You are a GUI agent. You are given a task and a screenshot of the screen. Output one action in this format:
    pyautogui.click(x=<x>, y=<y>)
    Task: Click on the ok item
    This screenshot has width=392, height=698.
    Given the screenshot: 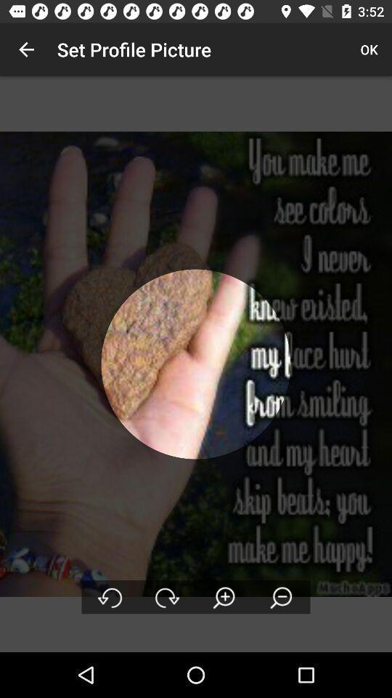 What is the action you would take?
    pyautogui.click(x=369, y=49)
    